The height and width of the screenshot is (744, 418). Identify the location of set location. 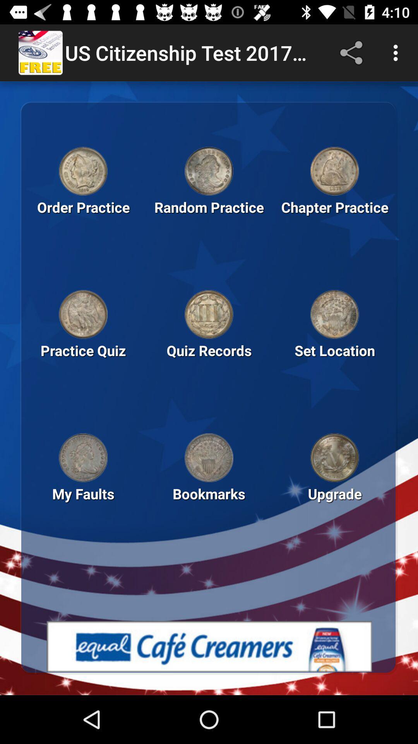
(334, 314).